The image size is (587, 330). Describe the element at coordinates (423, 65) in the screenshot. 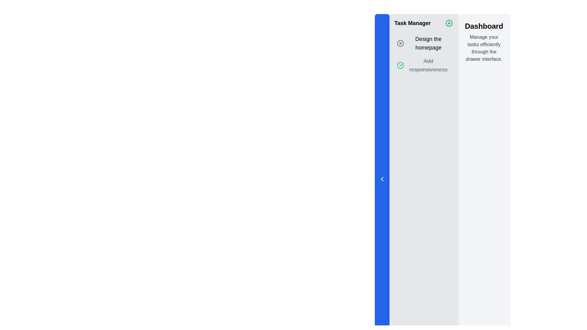

I see `the second task entry in the 'Task Manager' panel` at that location.